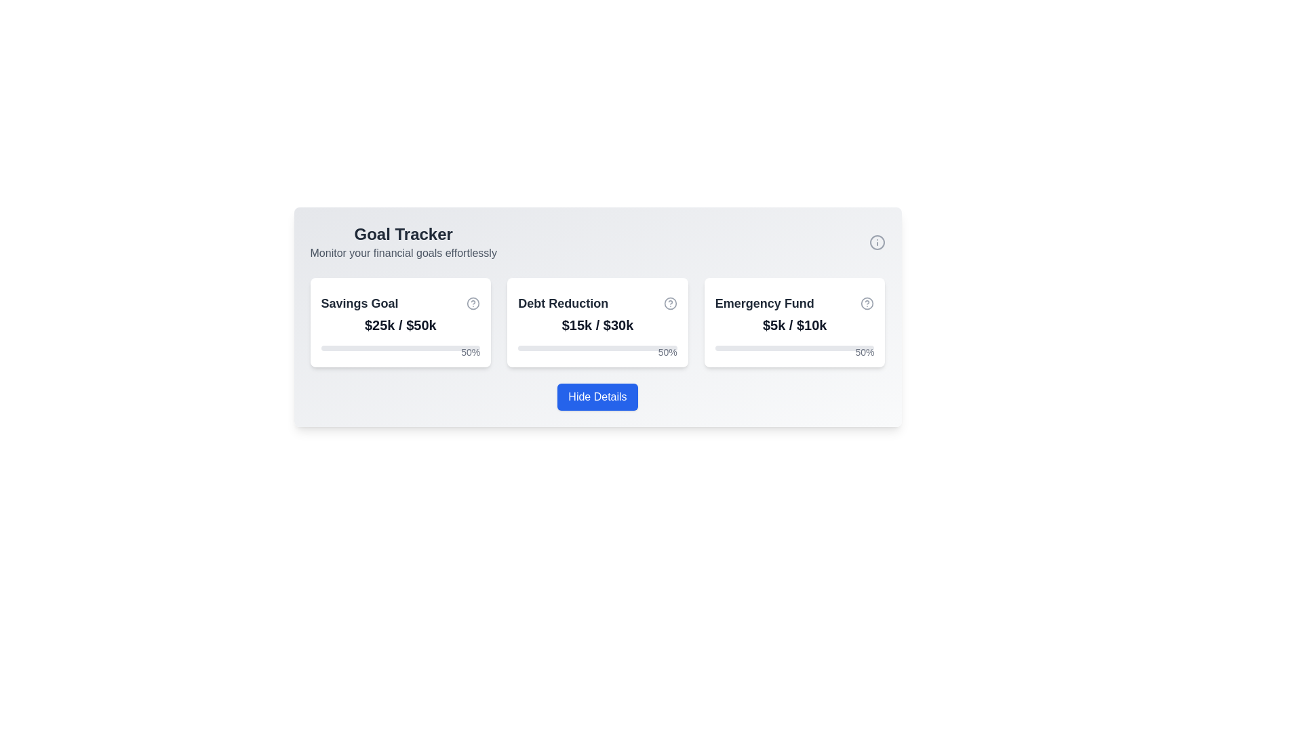 This screenshot has width=1302, height=732. Describe the element at coordinates (764, 302) in the screenshot. I see `'Emergency Fund' text label displayed in bold, medium-sized font and dark gray color, prominently positioned in the upper region of its card` at that location.